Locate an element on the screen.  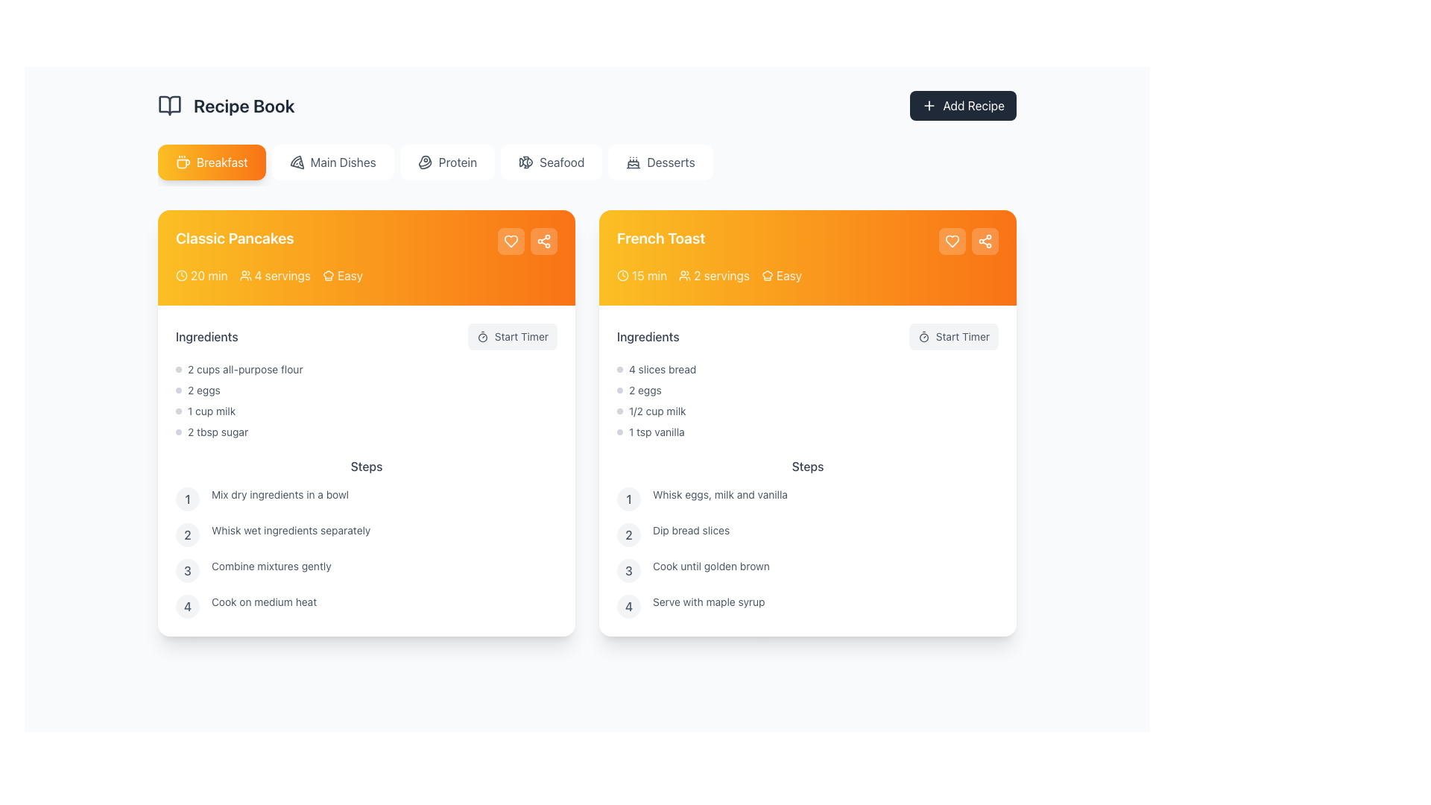
the button in the top-right corner of the 'French Toast' recipe card is located at coordinates (951, 241).